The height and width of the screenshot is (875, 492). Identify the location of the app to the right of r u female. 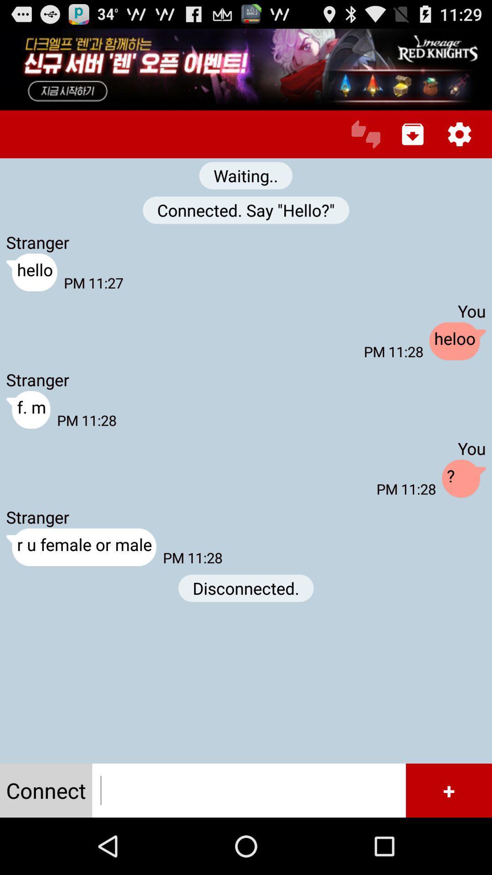
(246, 588).